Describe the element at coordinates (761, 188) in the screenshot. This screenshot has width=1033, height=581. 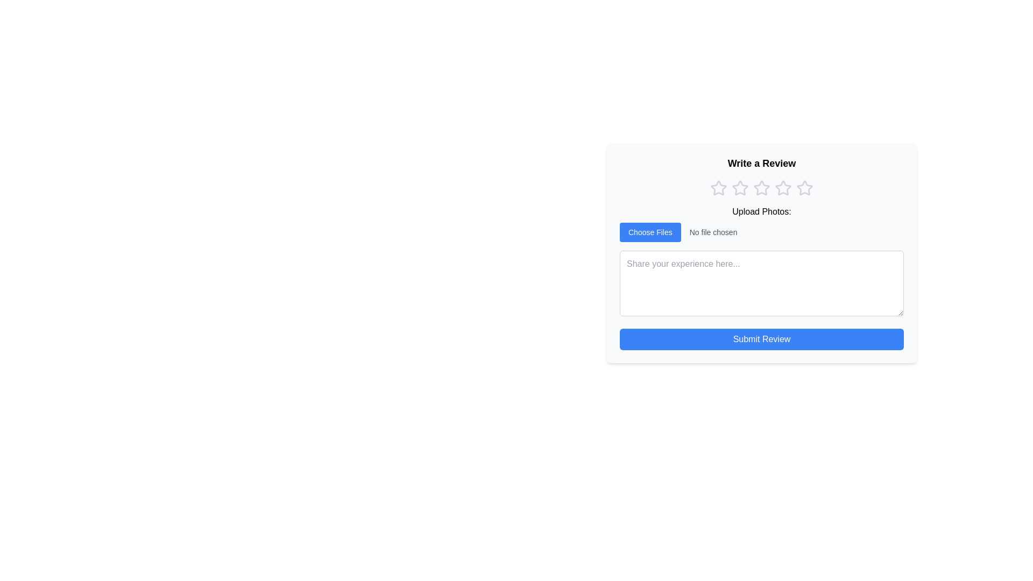
I see `the third rating star icon, which is a light gray five-pointed star outline, part of the interactive rating component under the 'Write a Review' header` at that location.